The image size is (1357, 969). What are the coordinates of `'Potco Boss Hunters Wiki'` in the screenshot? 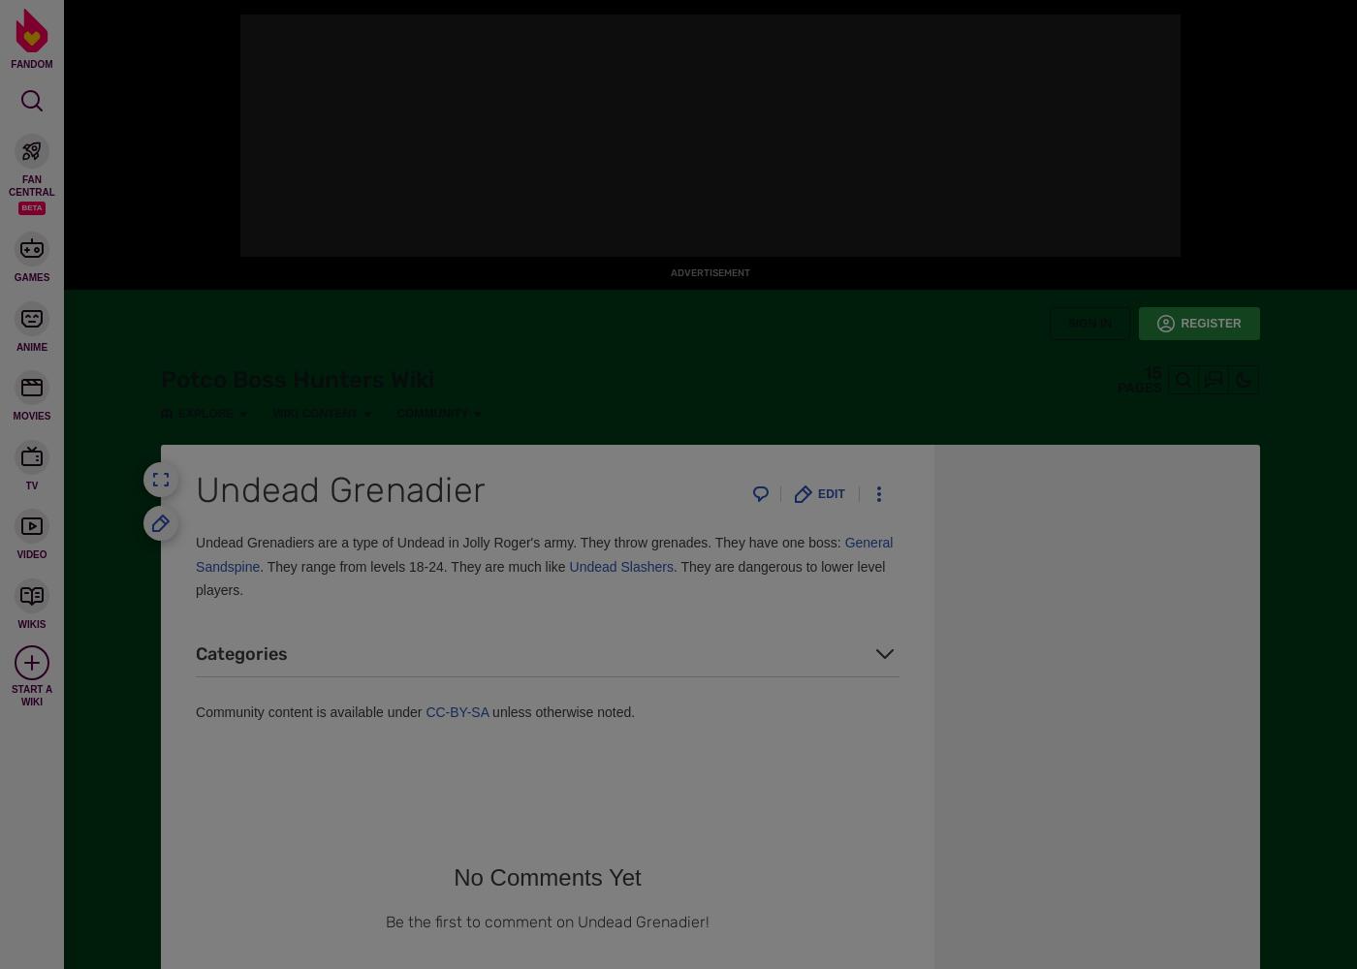 It's located at (161, 380).